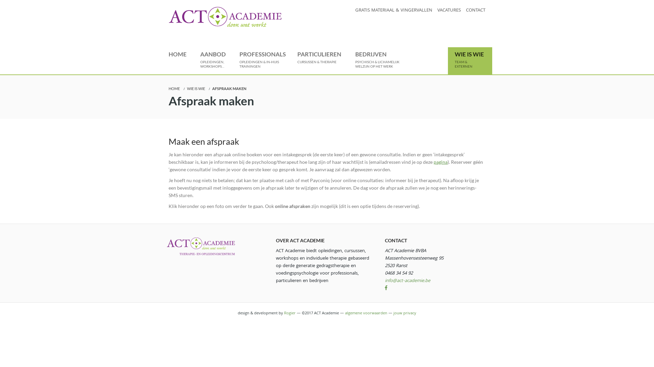 The height and width of the screenshot is (367, 654). Describe the element at coordinates (177, 60) in the screenshot. I see `'HOME` at that location.